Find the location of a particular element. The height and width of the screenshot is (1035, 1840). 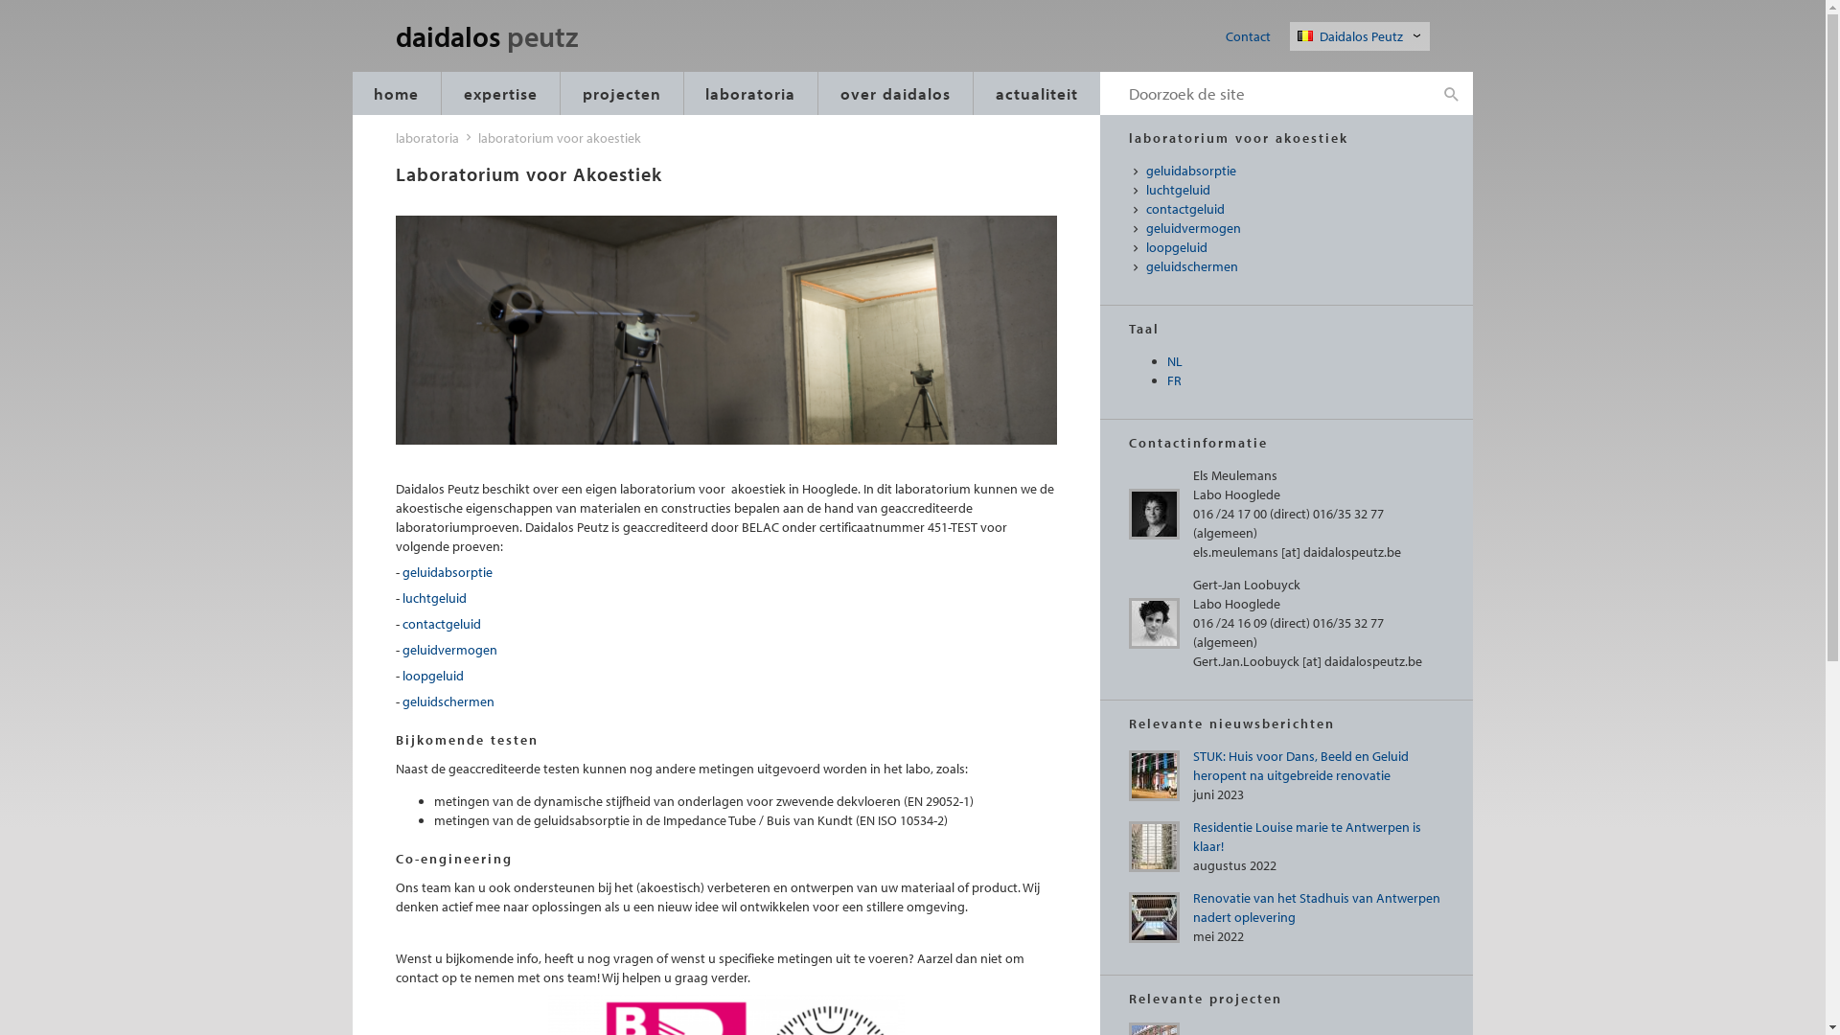

'NL' is located at coordinates (1166, 361).